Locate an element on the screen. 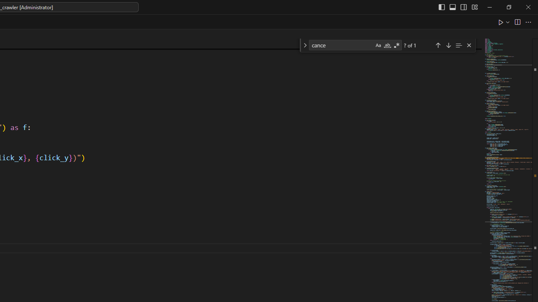 The image size is (538, 302). 'Use Regular Expression (Alt+R)' is located at coordinates (396, 45).